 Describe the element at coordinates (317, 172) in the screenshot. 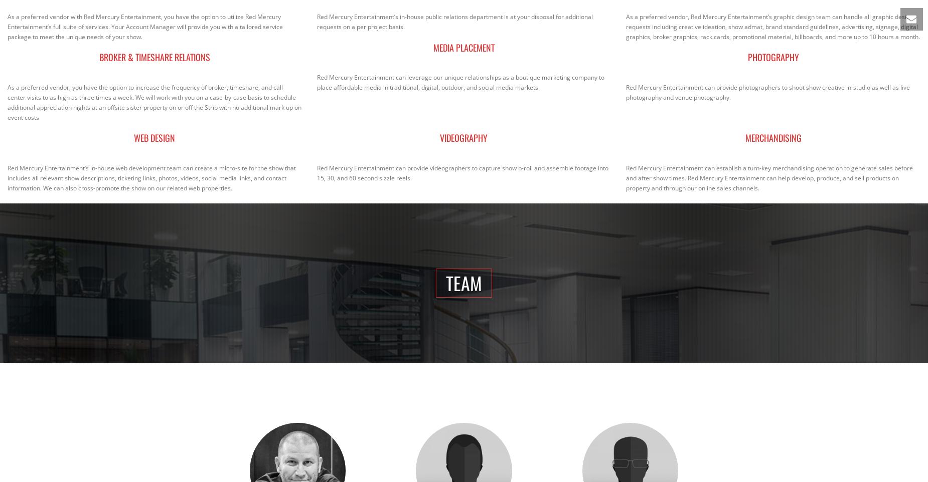

I see `'Red Mercury Entertainment can provide videographers to capture show b-roll and assemble footage into 15, 30, and 60 second sizzle reels.'` at that location.